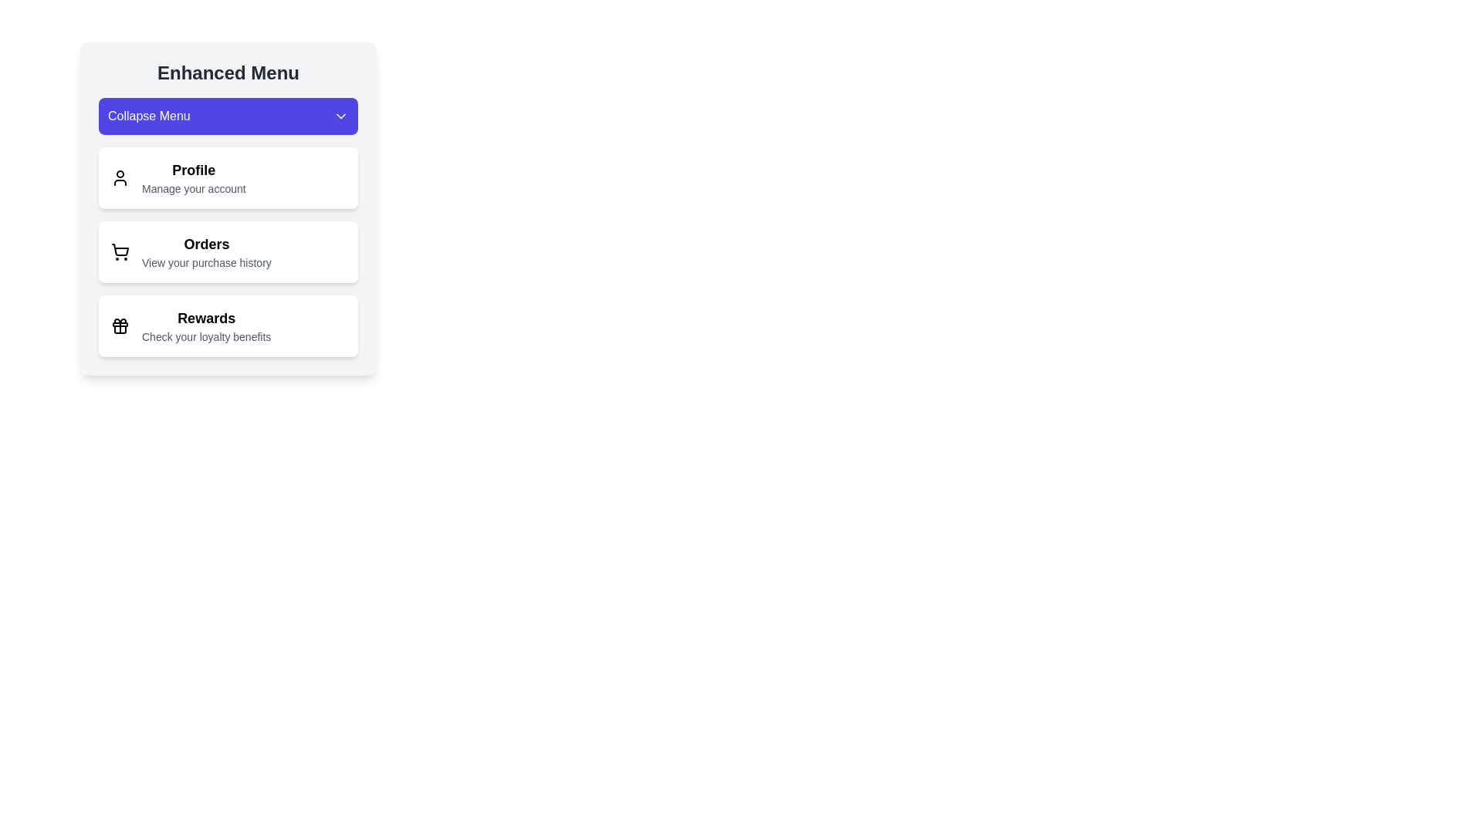  I want to click on the third menu item in the vertically aligned menu that provides access to loyalty benefits, highlighting it, so click(205, 325).